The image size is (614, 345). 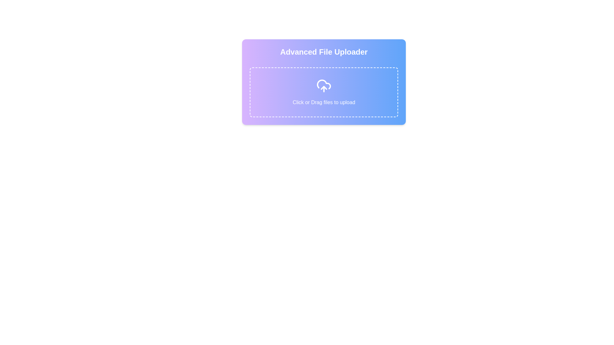 What do you see at coordinates (324, 92) in the screenshot?
I see `the transparent file upload input field that is defined by dashed lines and rounded corners` at bounding box center [324, 92].